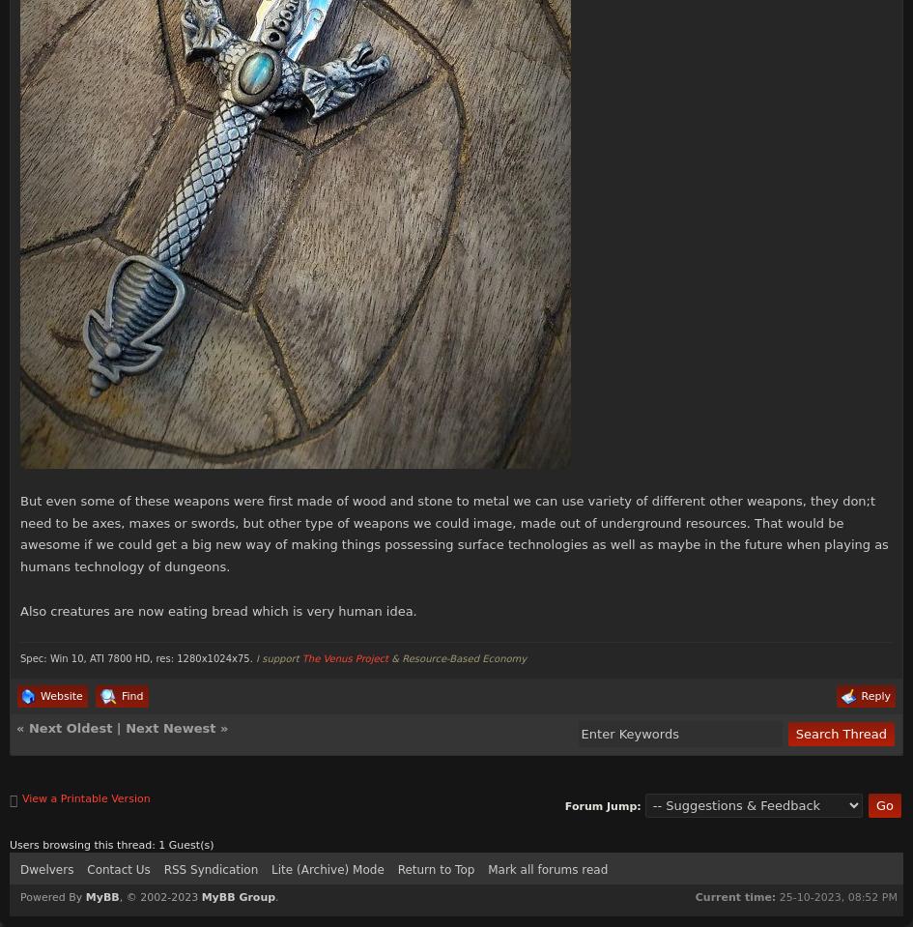 This screenshot has width=913, height=927. What do you see at coordinates (237, 896) in the screenshot?
I see `'MyBB Group'` at bounding box center [237, 896].